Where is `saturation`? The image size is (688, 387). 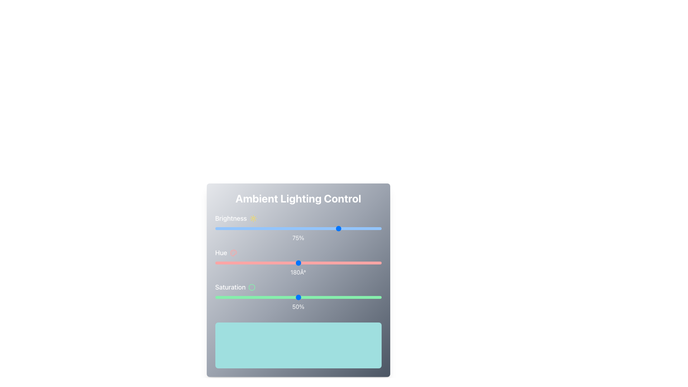
saturation is located at coordinates (311, 297).